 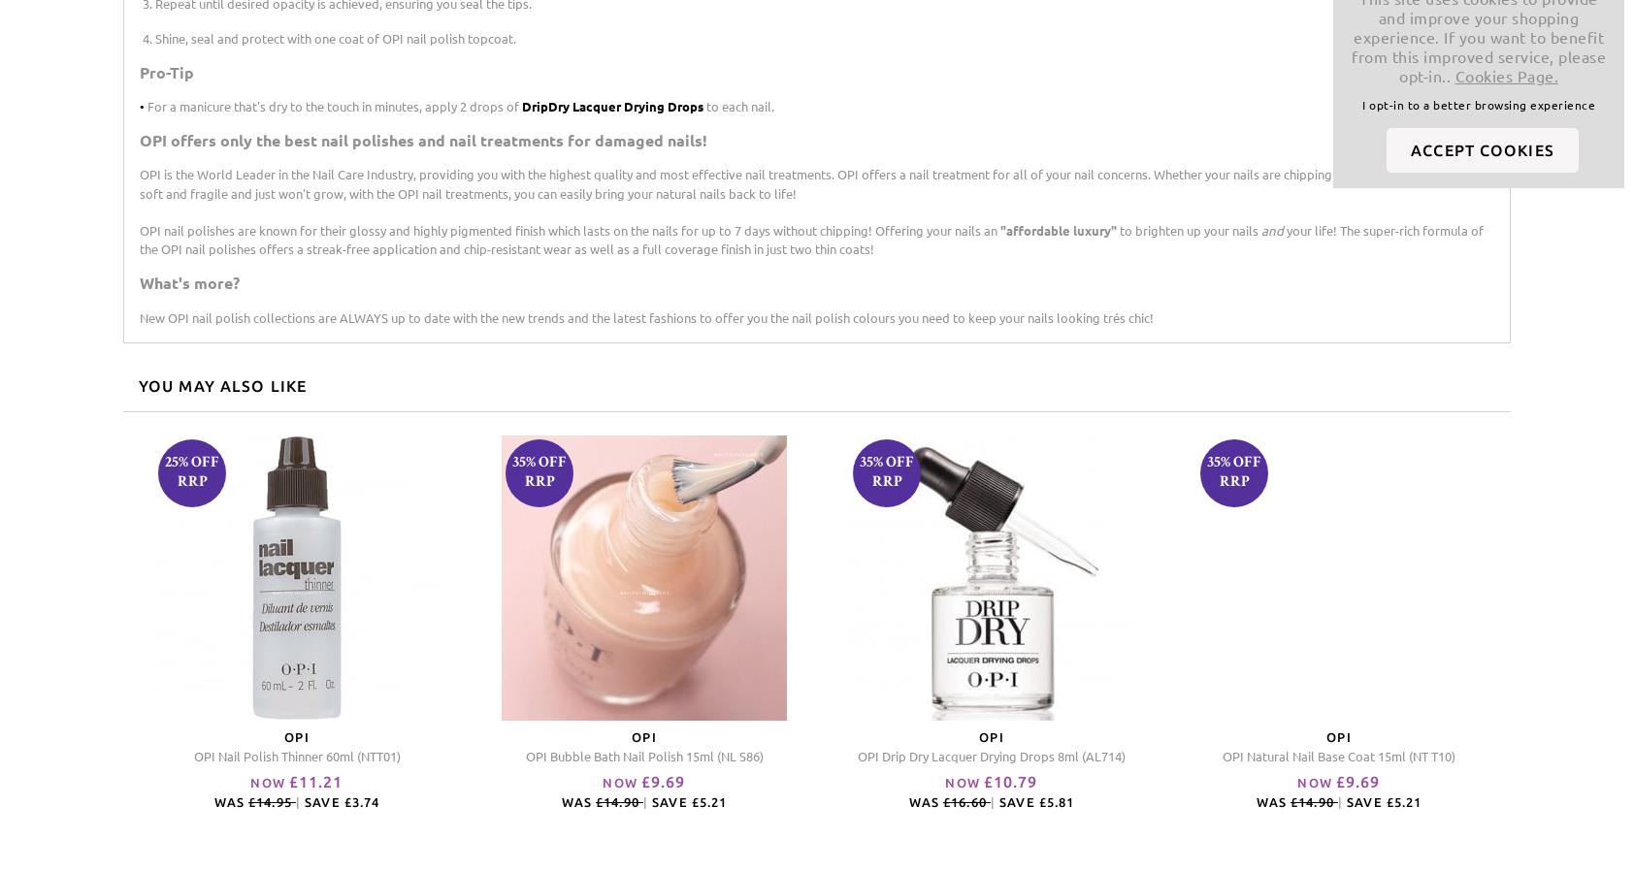 I want to click on '£16.60', so click(x=964, y=800).